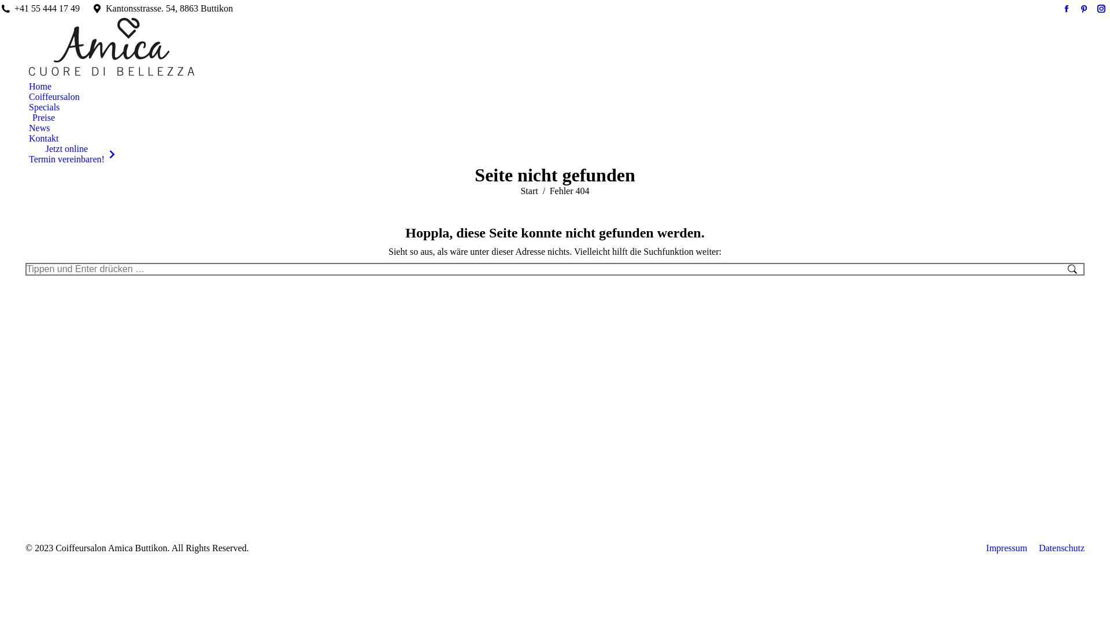 The width and height of the screenshot is (1110, 624). I want to click on 'Jetzt online, so click(71, 153).